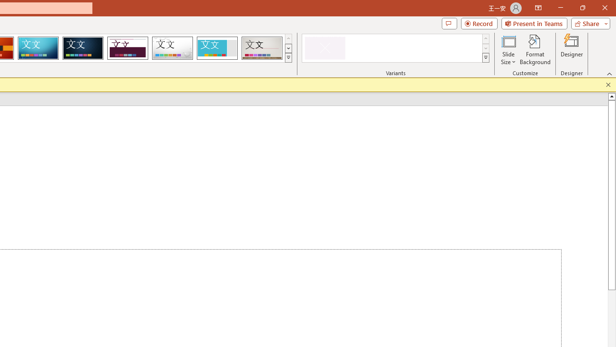  Describe the element at coordinates (534, 23) in the screenshot. I see `'Present in Teams'` at that location.